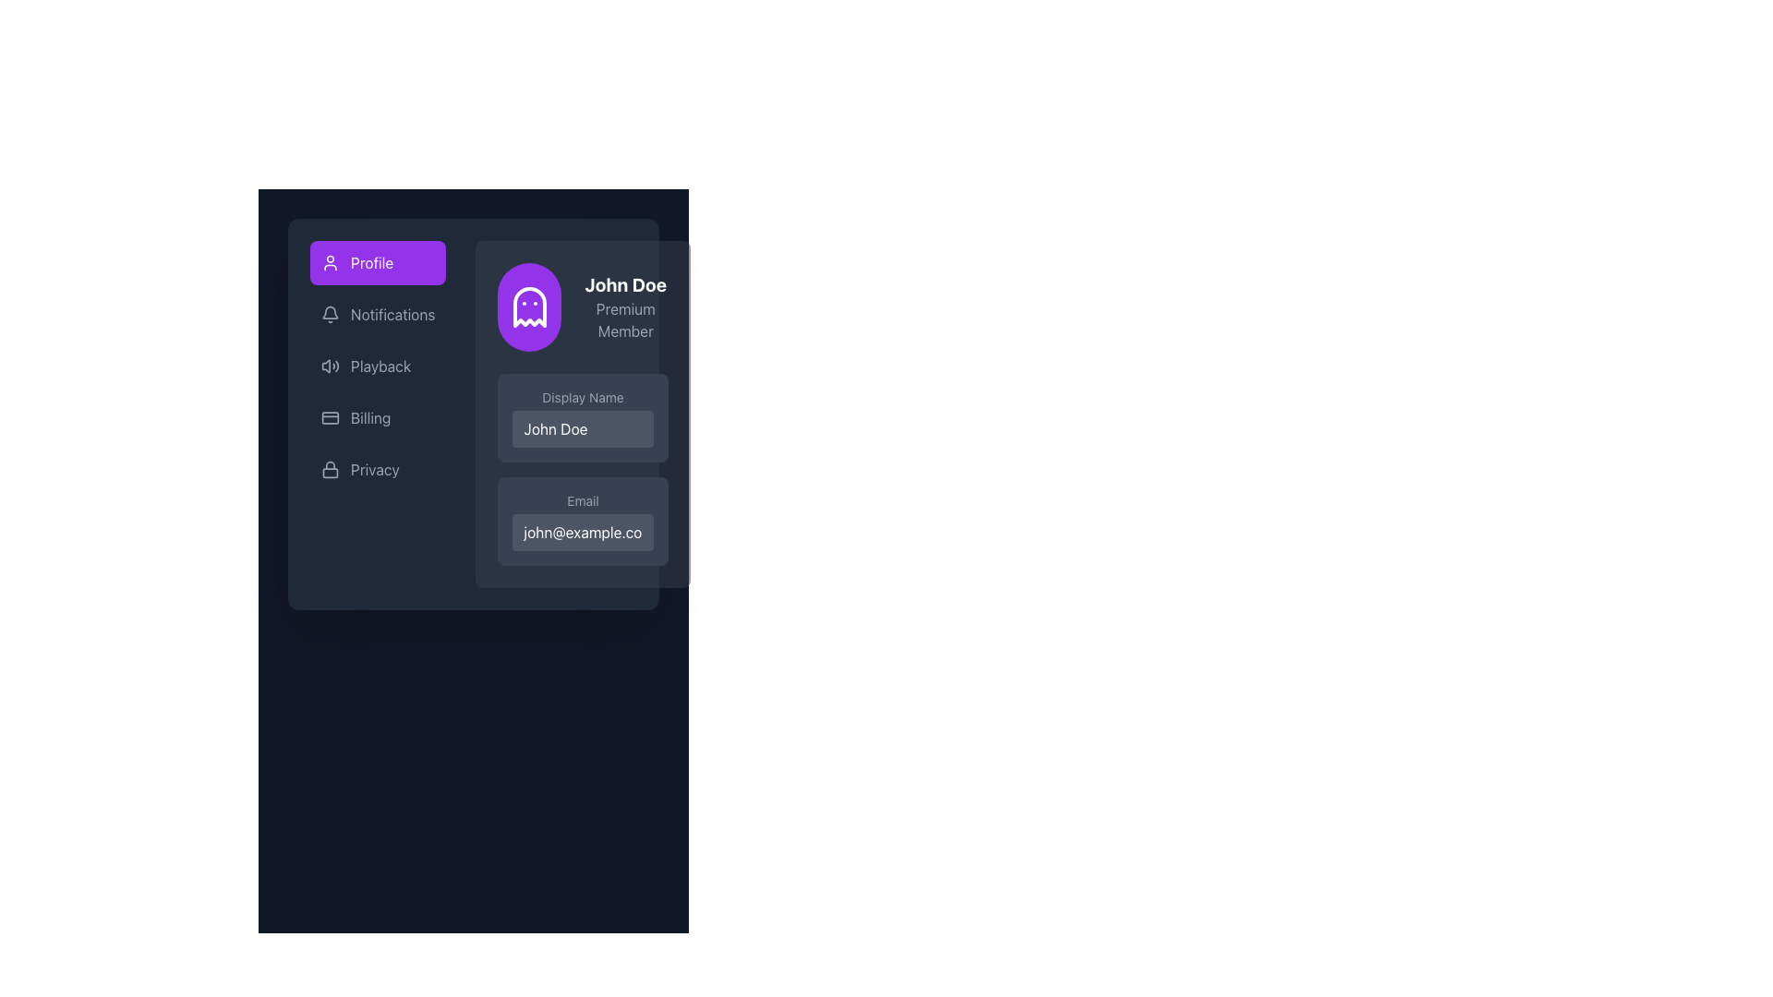 The width and height of the screenshot is (1773, 997). I want to click on to select or activate the 'Notifications' text label located in the sidebar menu, which appears in light gray against a darker background, so click(392, 313).